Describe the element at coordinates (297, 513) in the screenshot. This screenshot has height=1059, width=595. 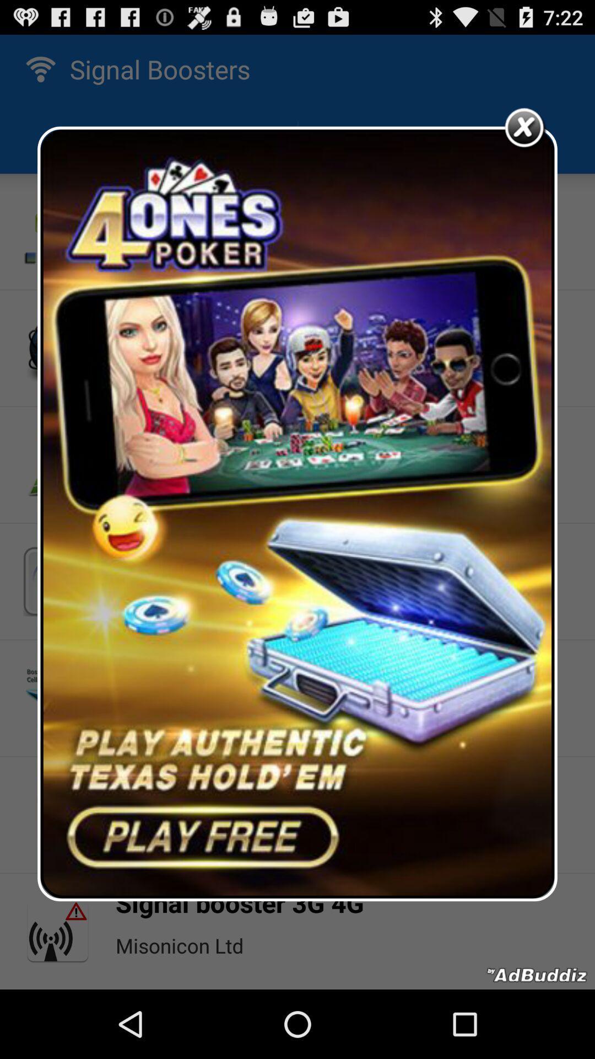
I see `advertised game` at that location.